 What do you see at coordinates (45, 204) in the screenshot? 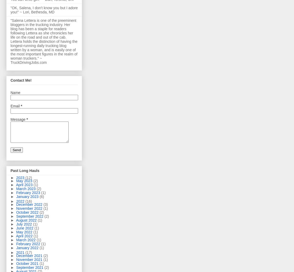
I see `'(3)'` at bounding box center [45, 204].